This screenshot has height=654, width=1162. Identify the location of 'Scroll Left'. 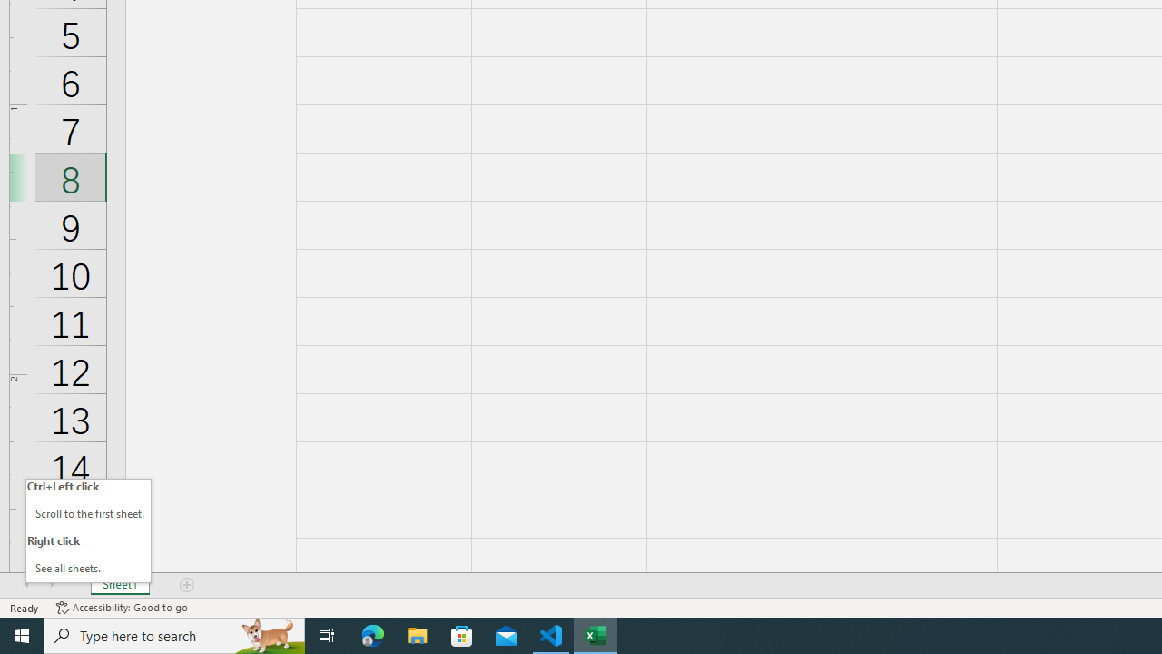
(26, 585).